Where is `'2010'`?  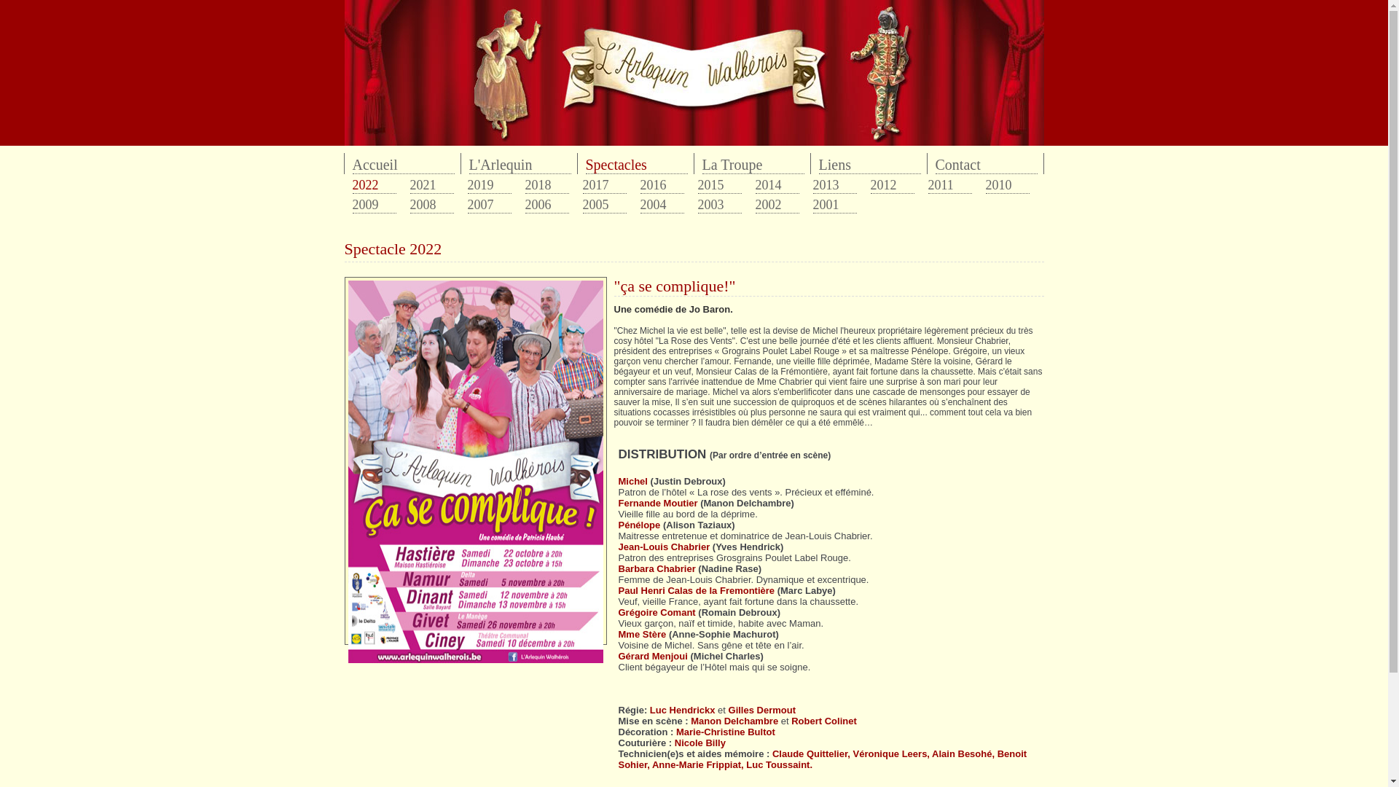
'2010' is located at coordinates (1006, 184).